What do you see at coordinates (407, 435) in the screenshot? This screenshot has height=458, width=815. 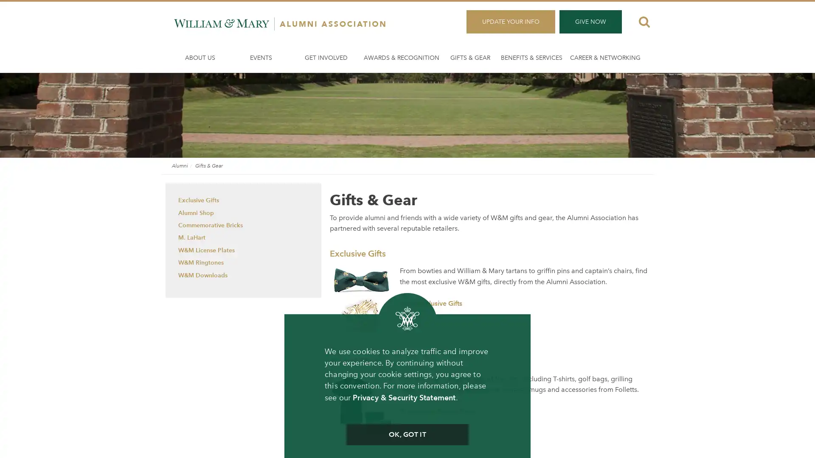 I see `OK, GOT IT` at bounding box center [407, 435].